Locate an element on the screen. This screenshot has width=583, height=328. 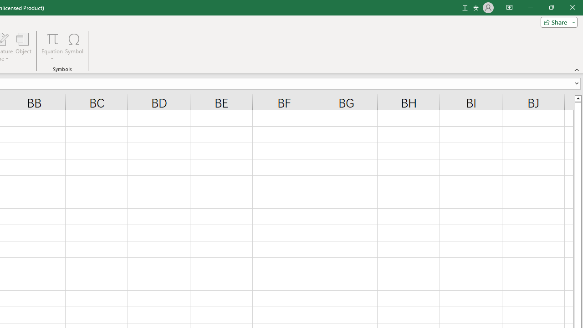
'Share' is located at coordinates (557, 21).